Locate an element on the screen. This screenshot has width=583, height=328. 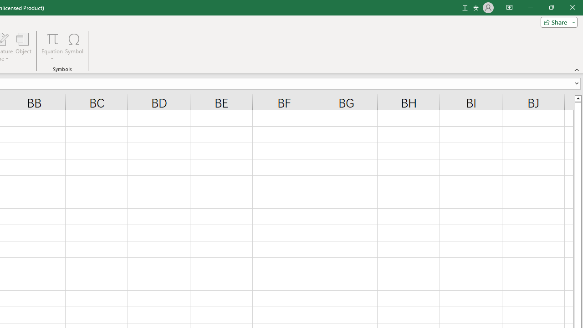
'Share' is located at coordinates (557, 21).